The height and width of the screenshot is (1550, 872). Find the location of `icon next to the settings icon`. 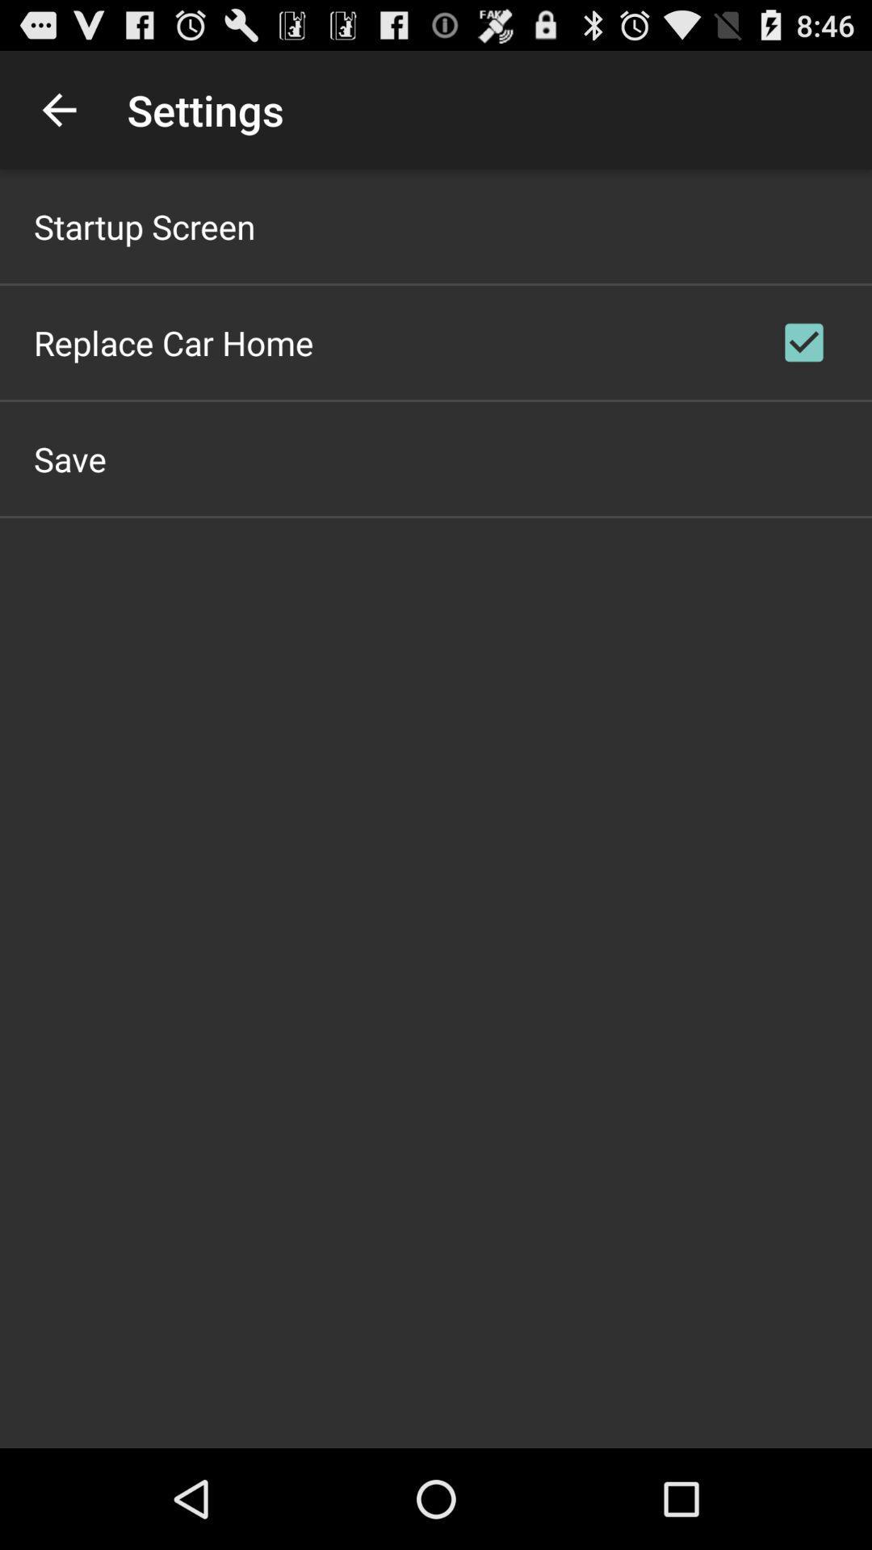

icon next to the settings icon is located at coordinates (58, 109).